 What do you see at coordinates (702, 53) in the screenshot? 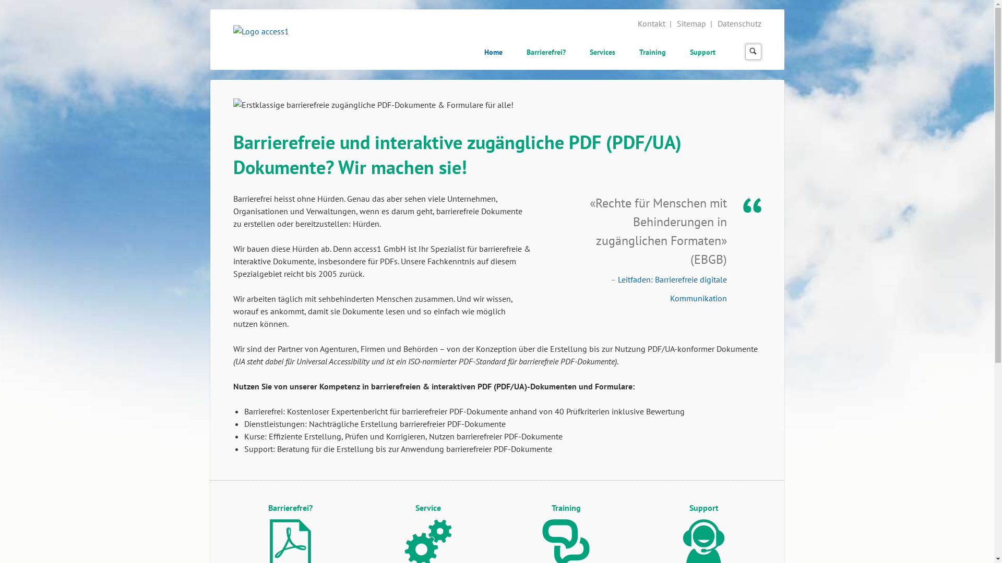
I see `'Support'` at bounding box center [702, 53].